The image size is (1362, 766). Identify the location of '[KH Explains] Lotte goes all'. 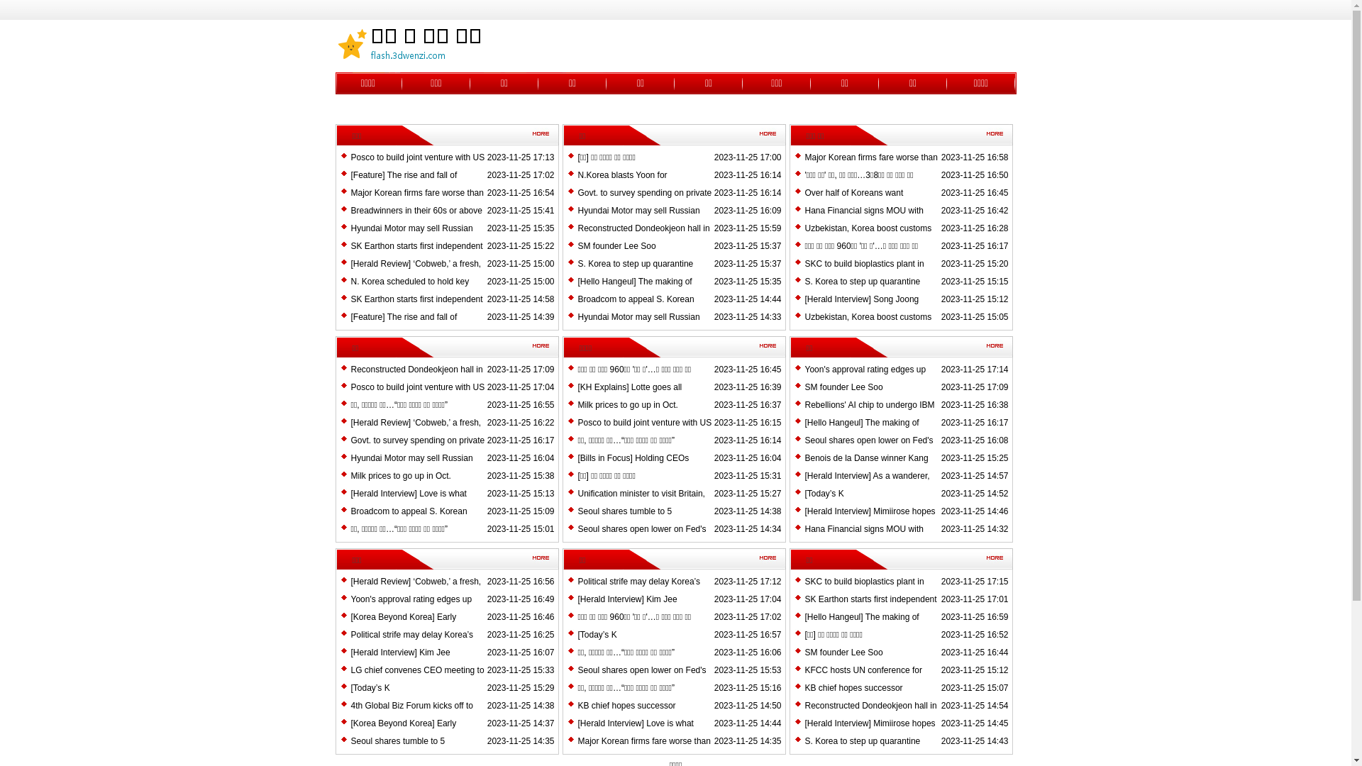
(629, 387).